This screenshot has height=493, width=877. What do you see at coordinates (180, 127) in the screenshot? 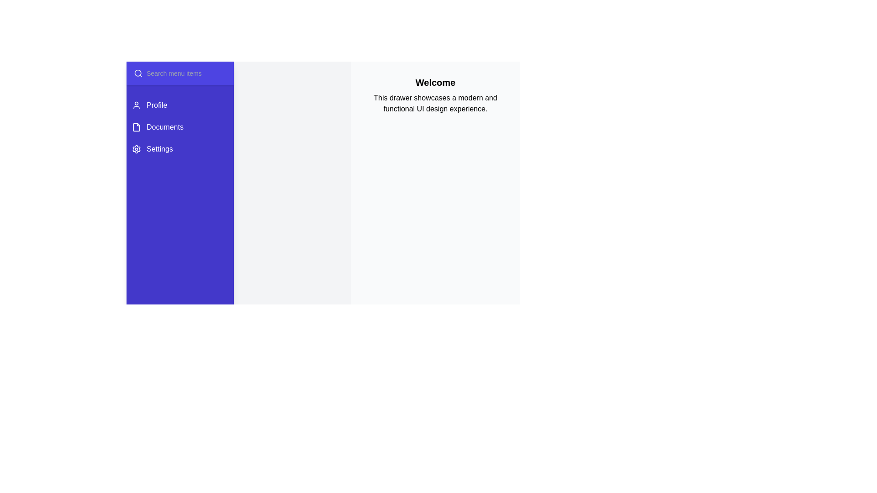
I see `the menu item Documents to select it` at bounding box center [180, 127].